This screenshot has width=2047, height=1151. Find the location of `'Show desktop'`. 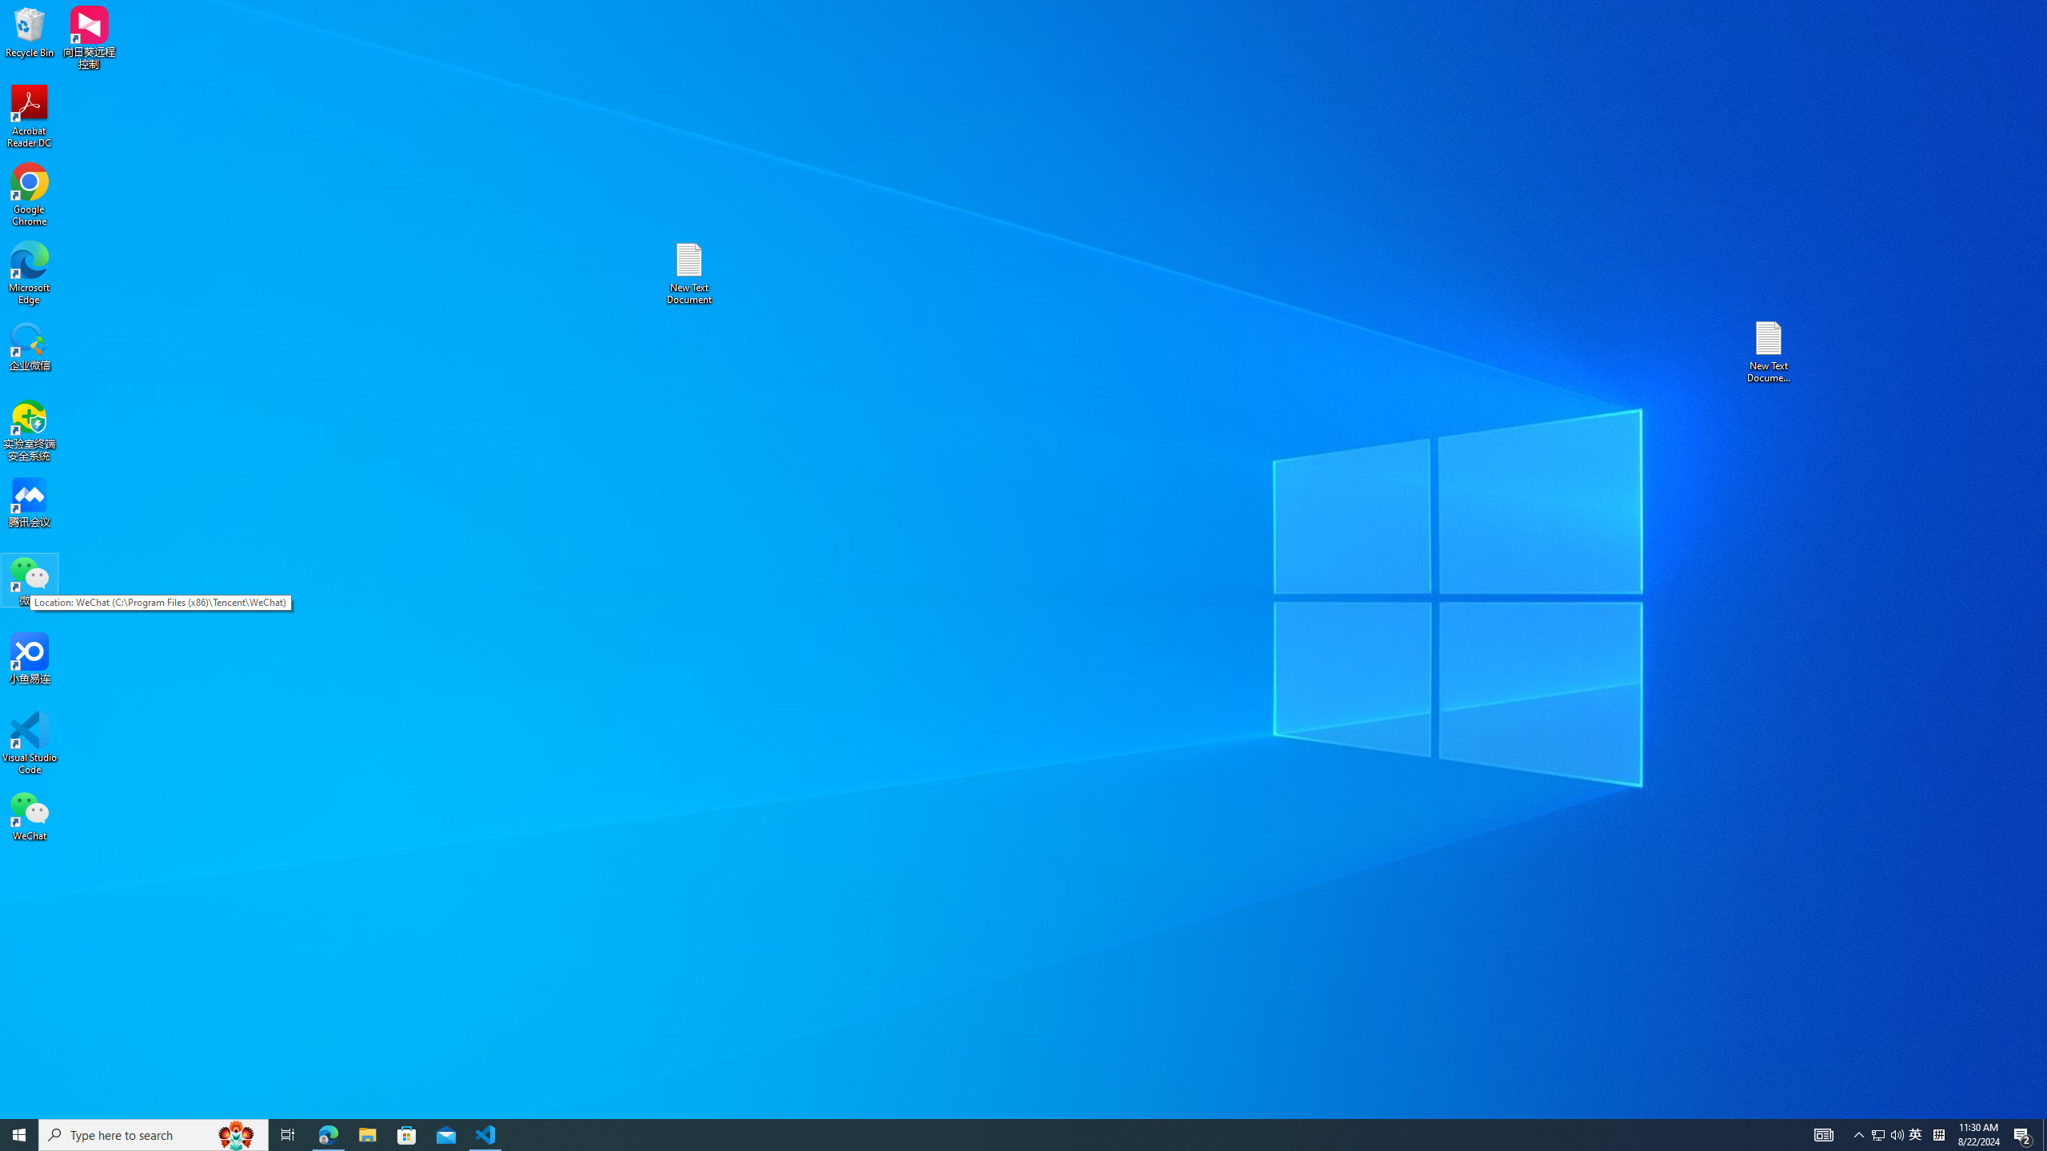

'Show desktop' is located at coordinates (2044, 1133).